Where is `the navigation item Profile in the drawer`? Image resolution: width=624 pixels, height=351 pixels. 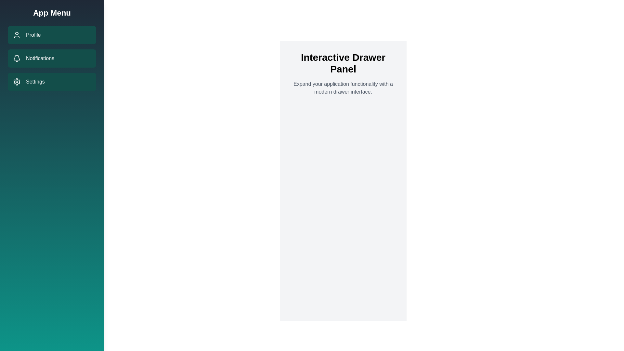
the navigation item Profile in the drawer is located at coordinates (51, 35).